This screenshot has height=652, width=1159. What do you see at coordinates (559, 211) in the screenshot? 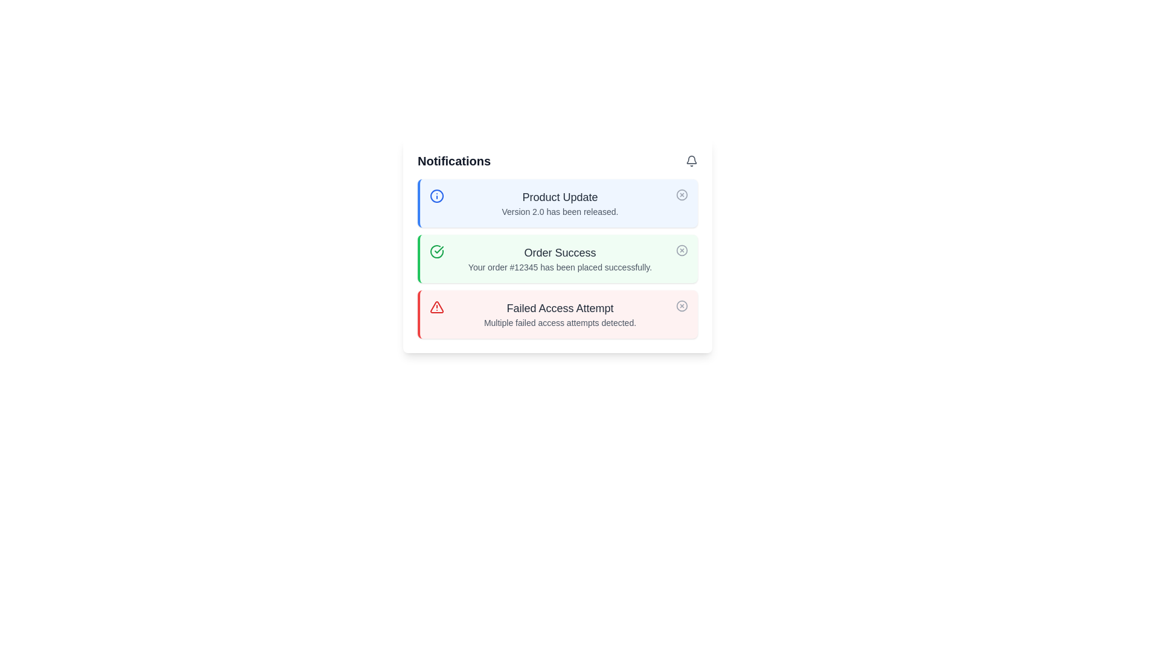
I see `the static text label displaying the message 'Version 2.0 has been released.' located under the 'Product Update' title in the notification card` at bounding box center [559, 211].